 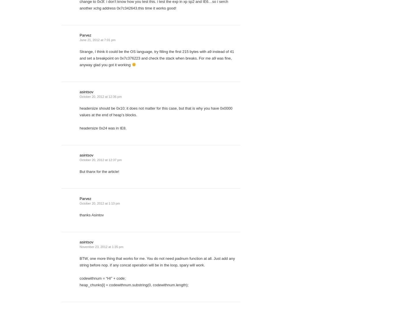 I want to click on 'October 20, 2012 at 1:13 pm', so click(x=100, y=203).